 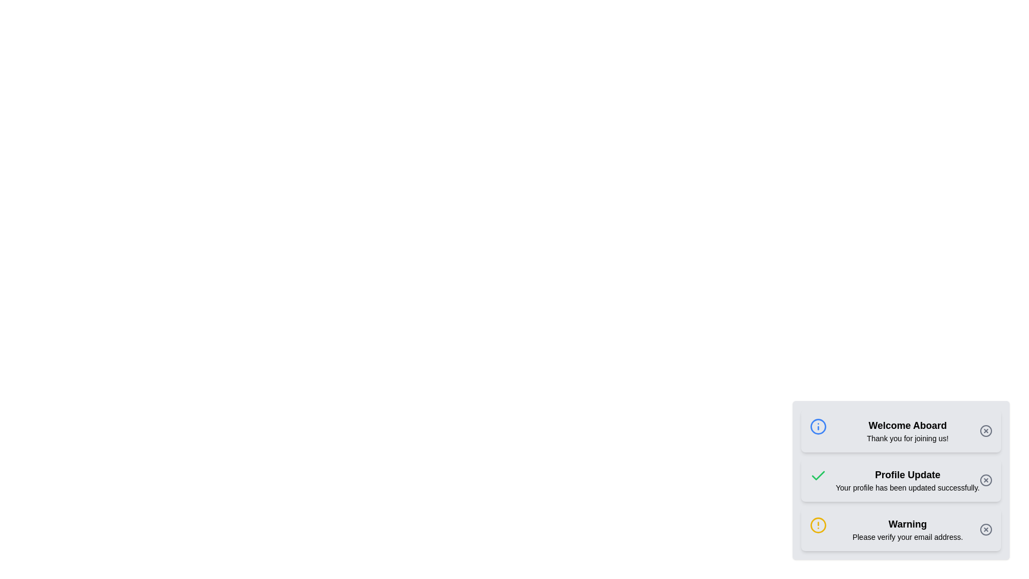 I want to click on and comprehend the warning in the notification message that alerts users about the necessity of verifying their email address, which is located in the third notification card of a vertically stacked list of notifications, so click(x=907, y=529).